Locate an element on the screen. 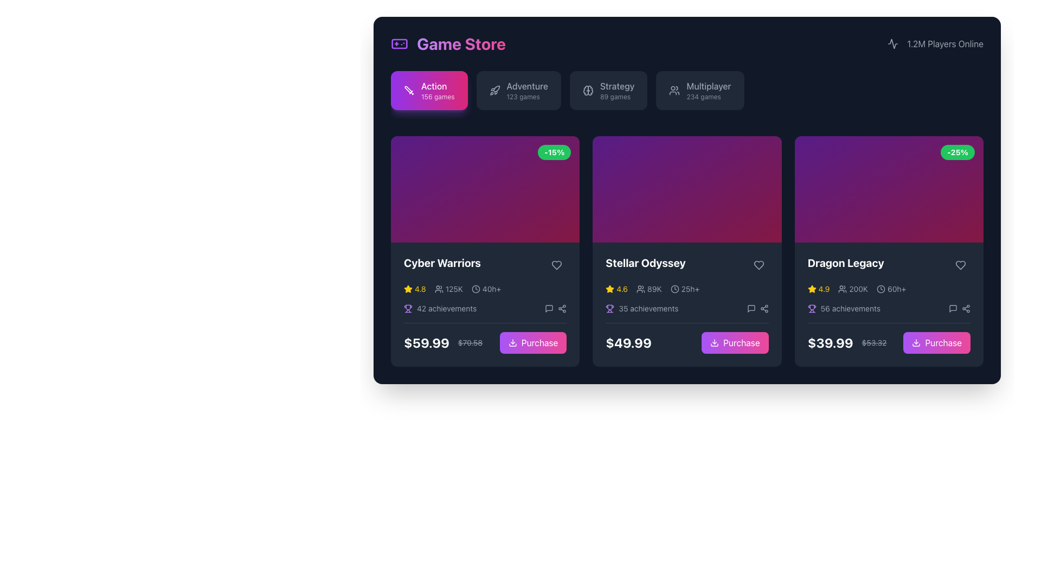 The image size is (1041, 586). the heart-shaped icon button at the top-right corner of the 'Stellar Odyssey' content card to like or unlike the content is located at coordinates (758, 265).